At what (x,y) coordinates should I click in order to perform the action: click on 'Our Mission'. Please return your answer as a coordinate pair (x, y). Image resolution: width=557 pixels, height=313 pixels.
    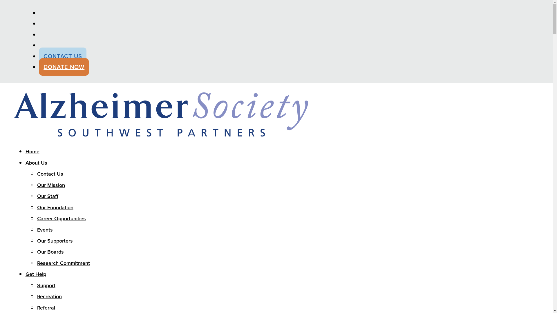
    Looking at the image, I should click on (51, 185).